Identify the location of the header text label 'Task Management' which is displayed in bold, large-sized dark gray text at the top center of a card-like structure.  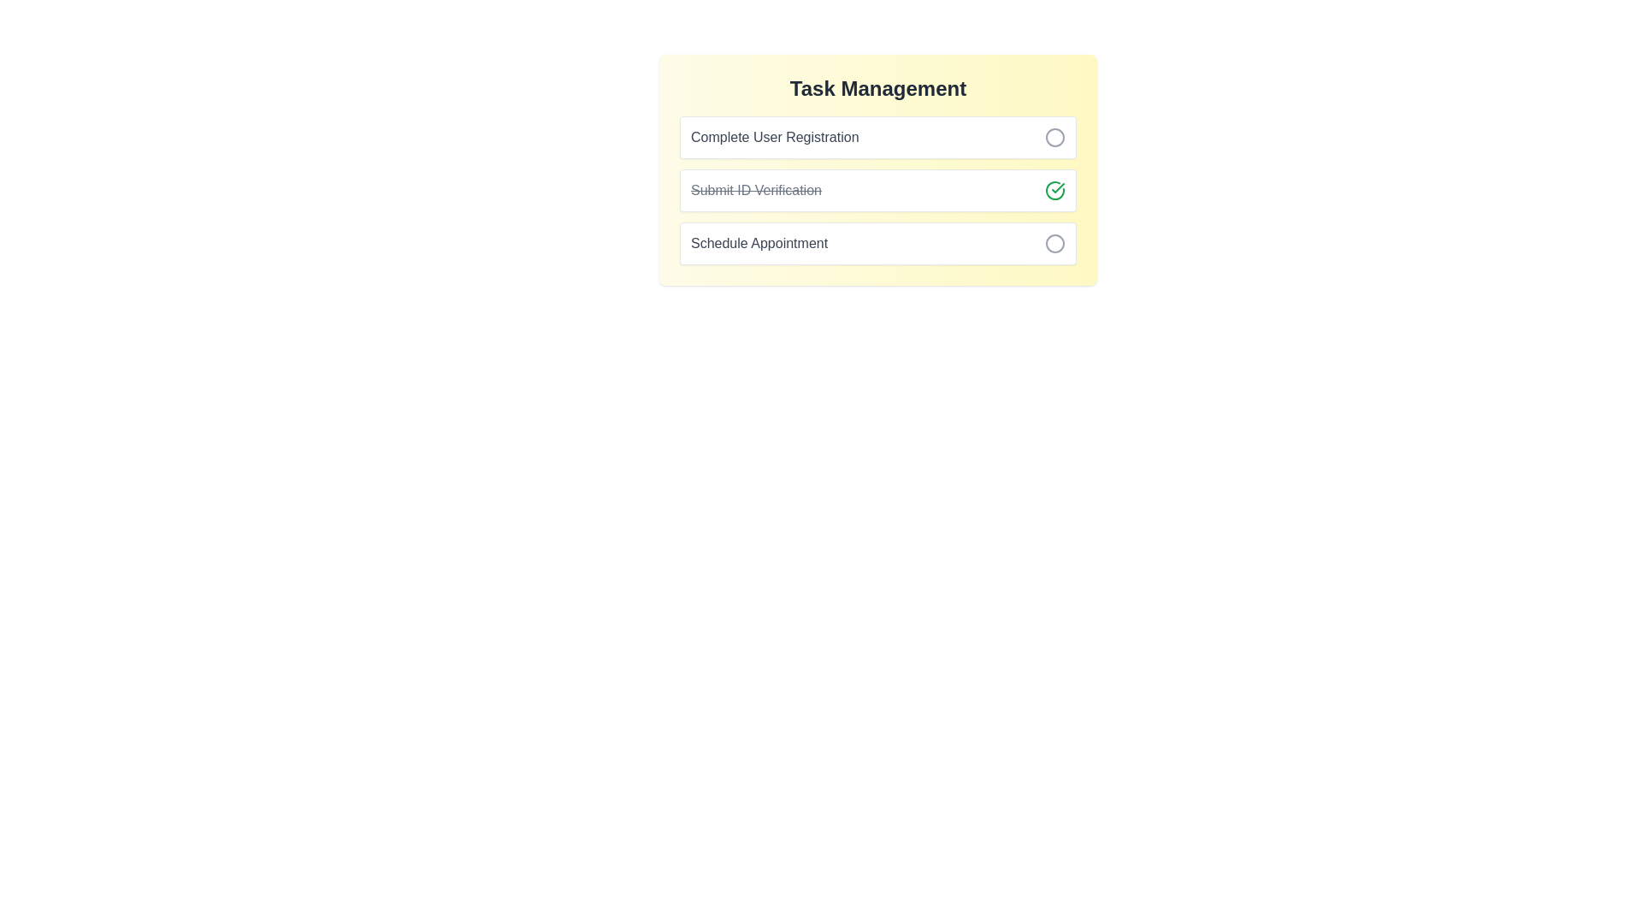
(878, 89).